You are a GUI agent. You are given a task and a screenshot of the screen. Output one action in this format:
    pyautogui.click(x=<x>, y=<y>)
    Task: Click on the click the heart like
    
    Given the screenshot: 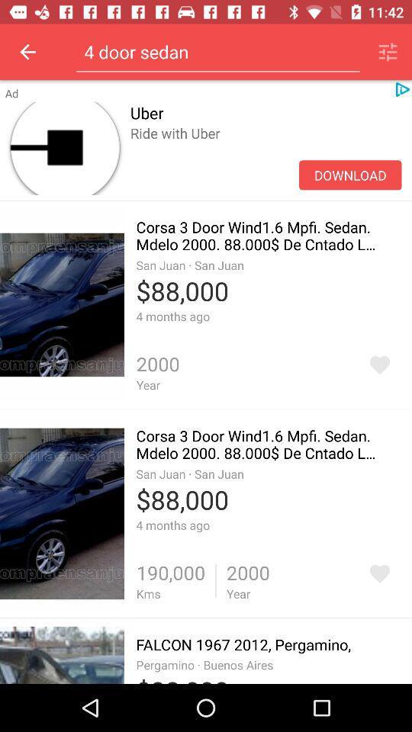 What is the action you would take?
    pyautogui.click(x=378, y=573)
    